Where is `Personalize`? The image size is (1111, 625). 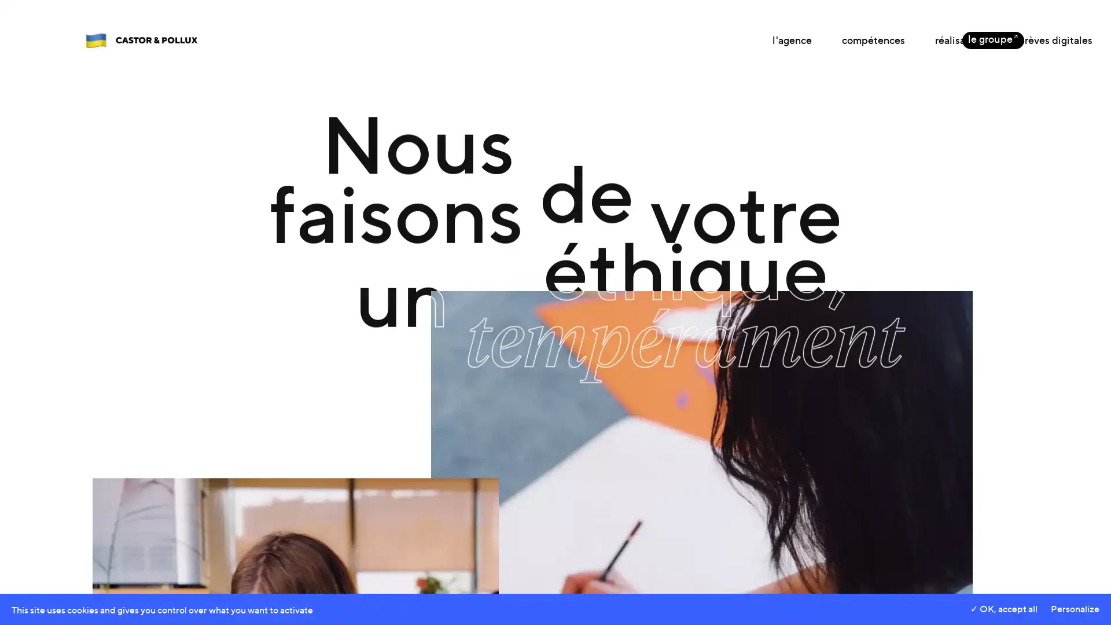 Personalize is located at coordinates (1074, 607).